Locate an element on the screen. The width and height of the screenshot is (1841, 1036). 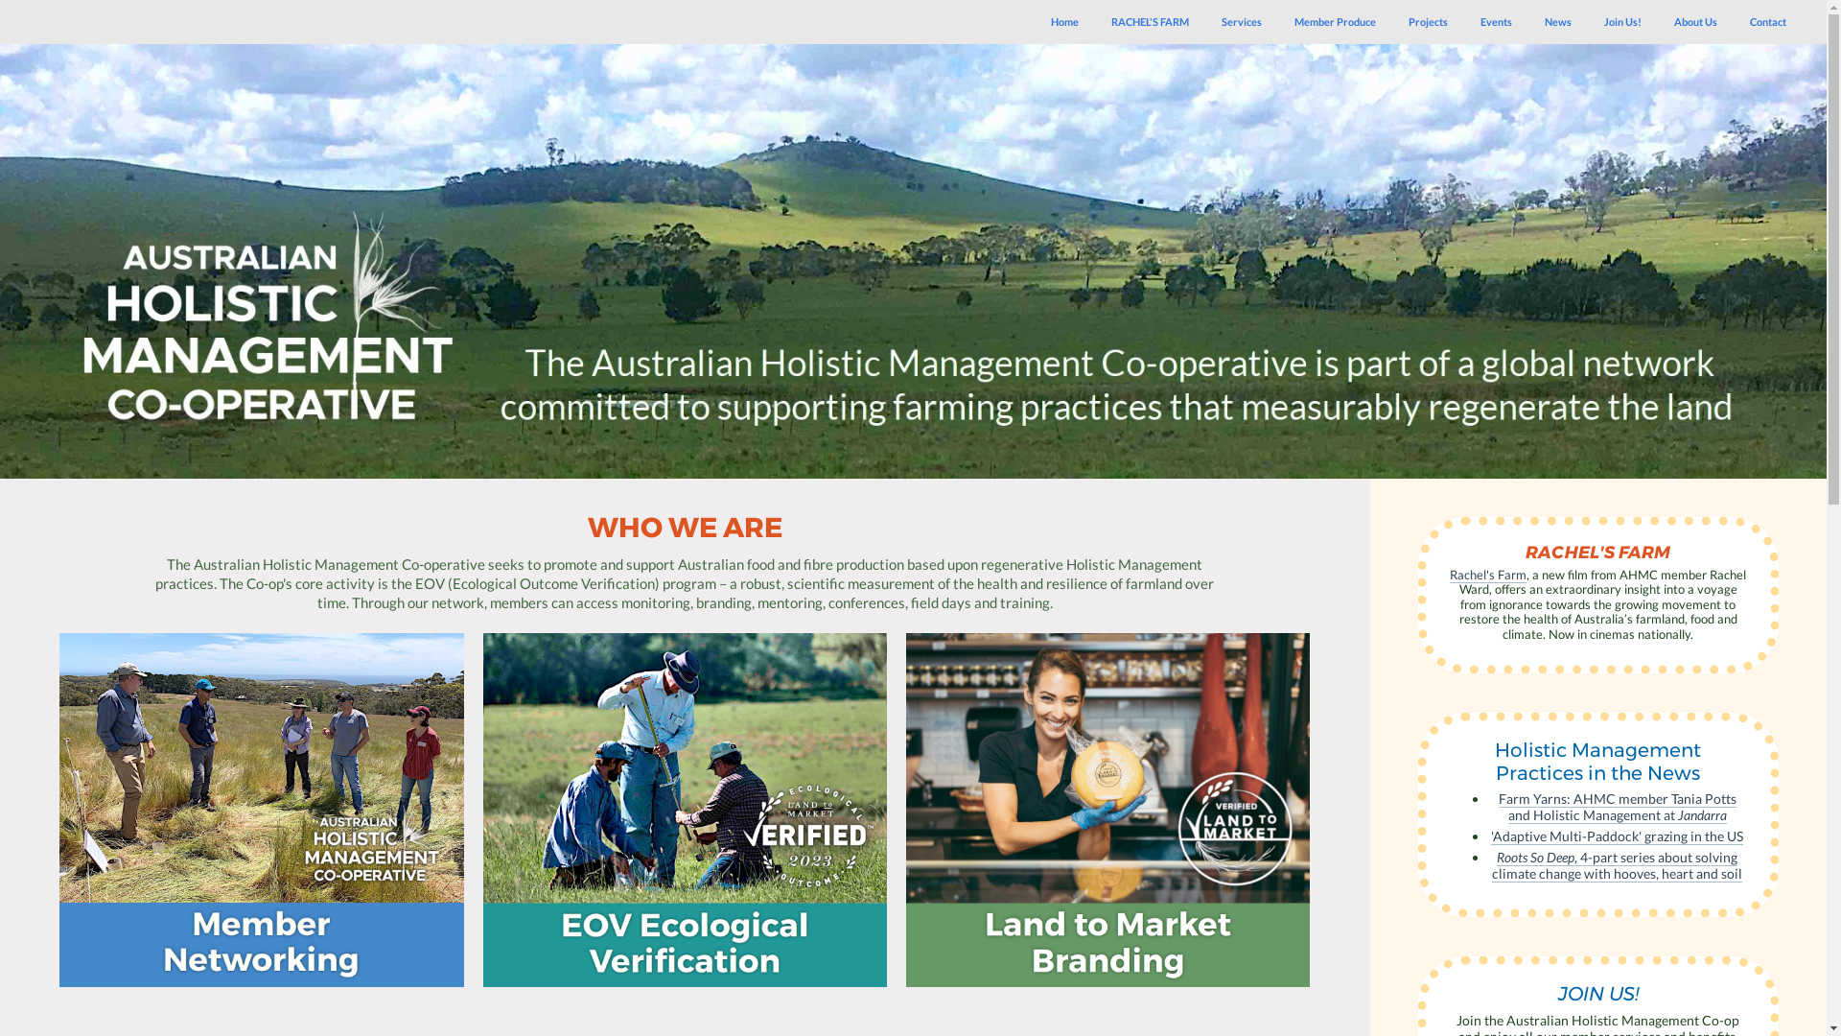
'News' is located at coordinates (1558, 22).